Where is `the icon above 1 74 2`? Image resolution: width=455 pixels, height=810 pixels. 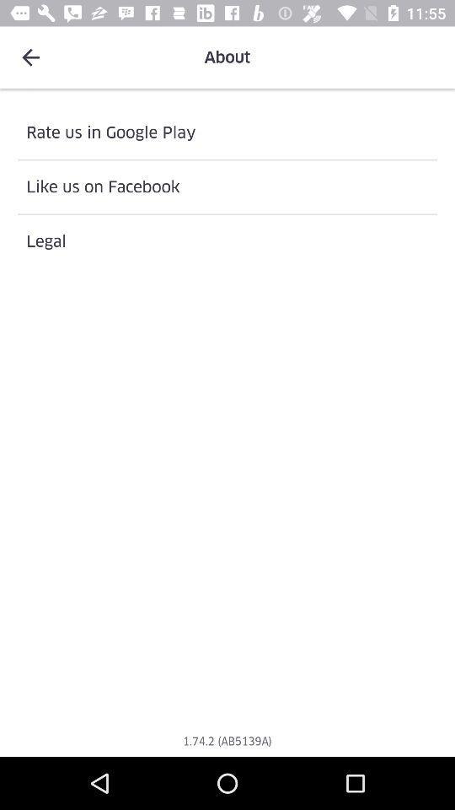 the icon above 1 74 2 is located at coordinates (227, 240).